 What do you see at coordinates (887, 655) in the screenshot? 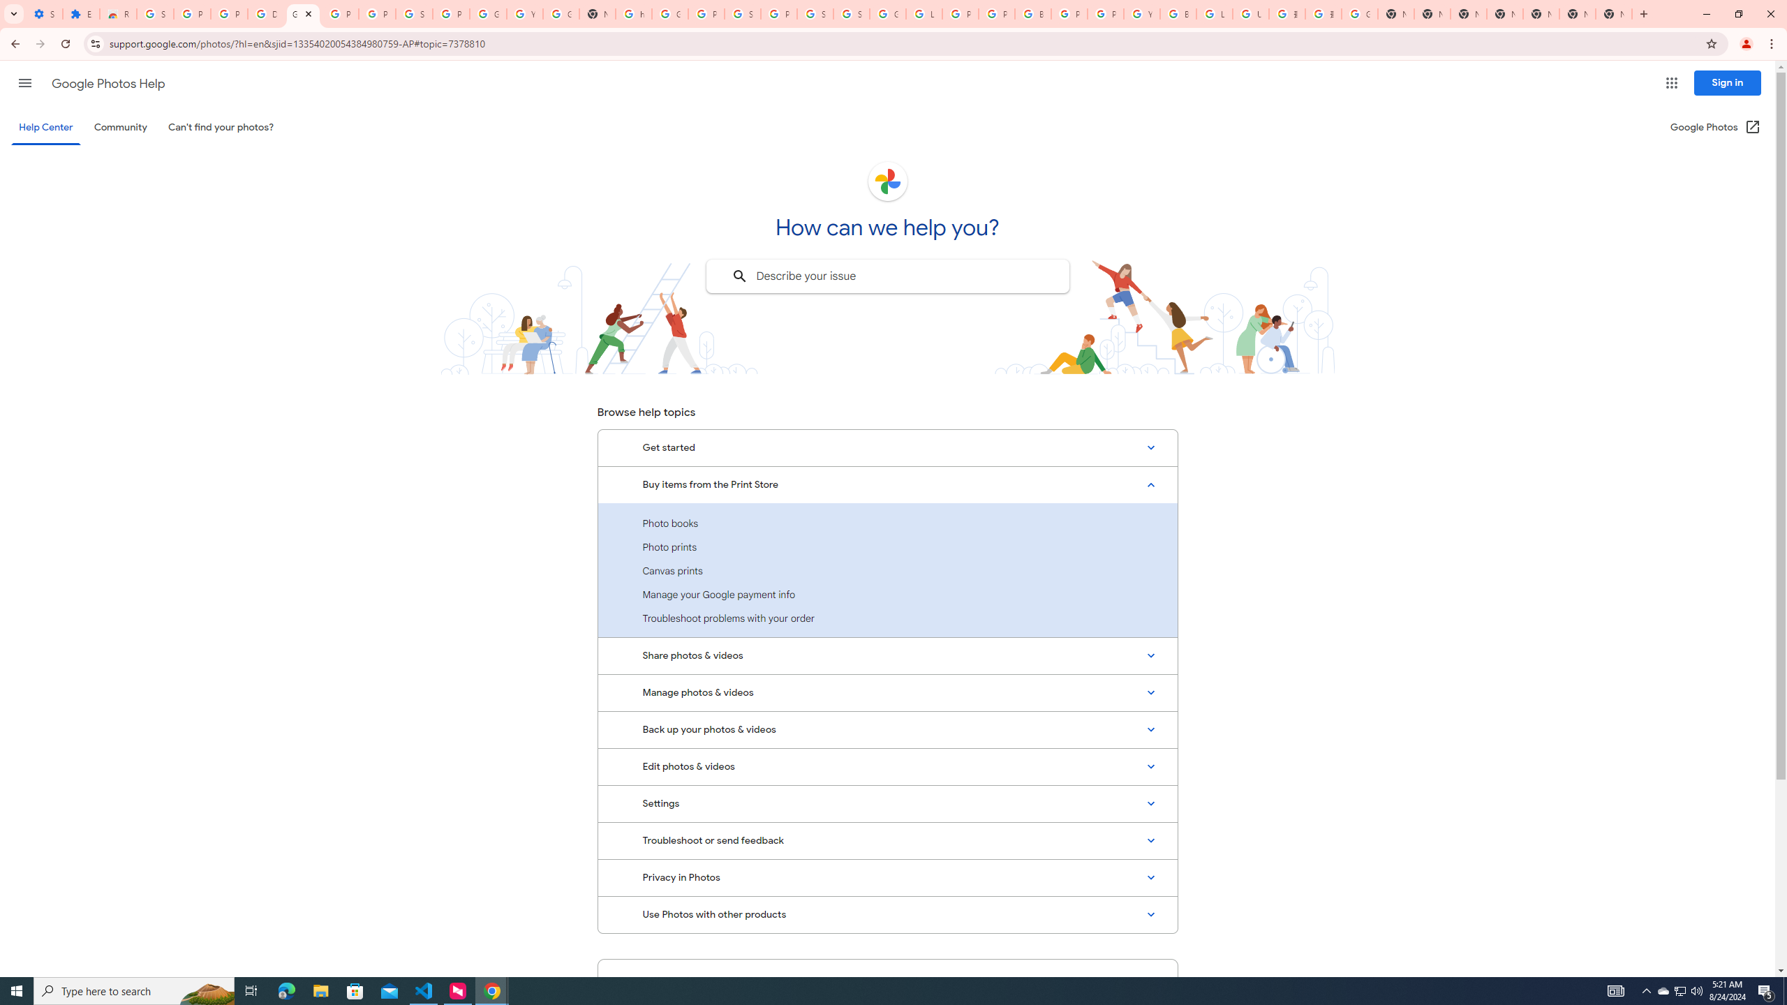
I see `'Share photos & videos'` at bounding box center [887, 655].